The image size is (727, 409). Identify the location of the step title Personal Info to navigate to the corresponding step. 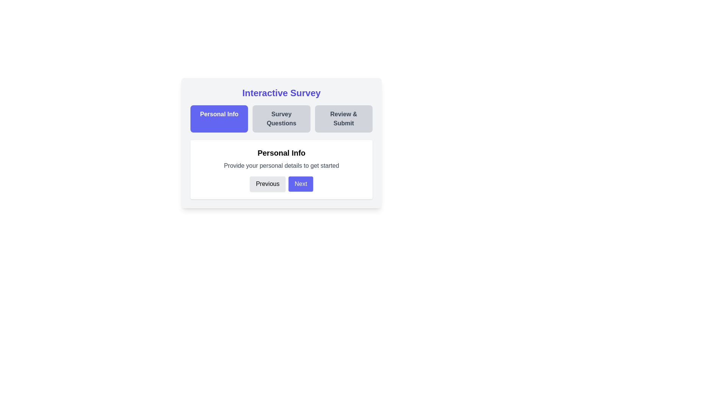
(219, 119).